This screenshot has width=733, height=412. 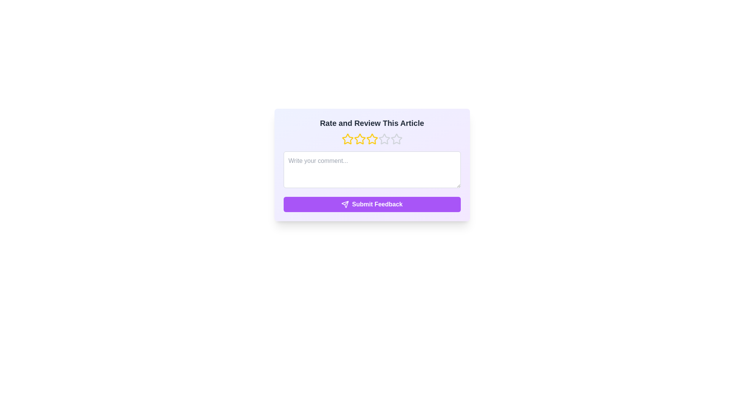 I want to click on the rating to 4 stars by clicking on the corresponding star, so click(x=384, y=139).